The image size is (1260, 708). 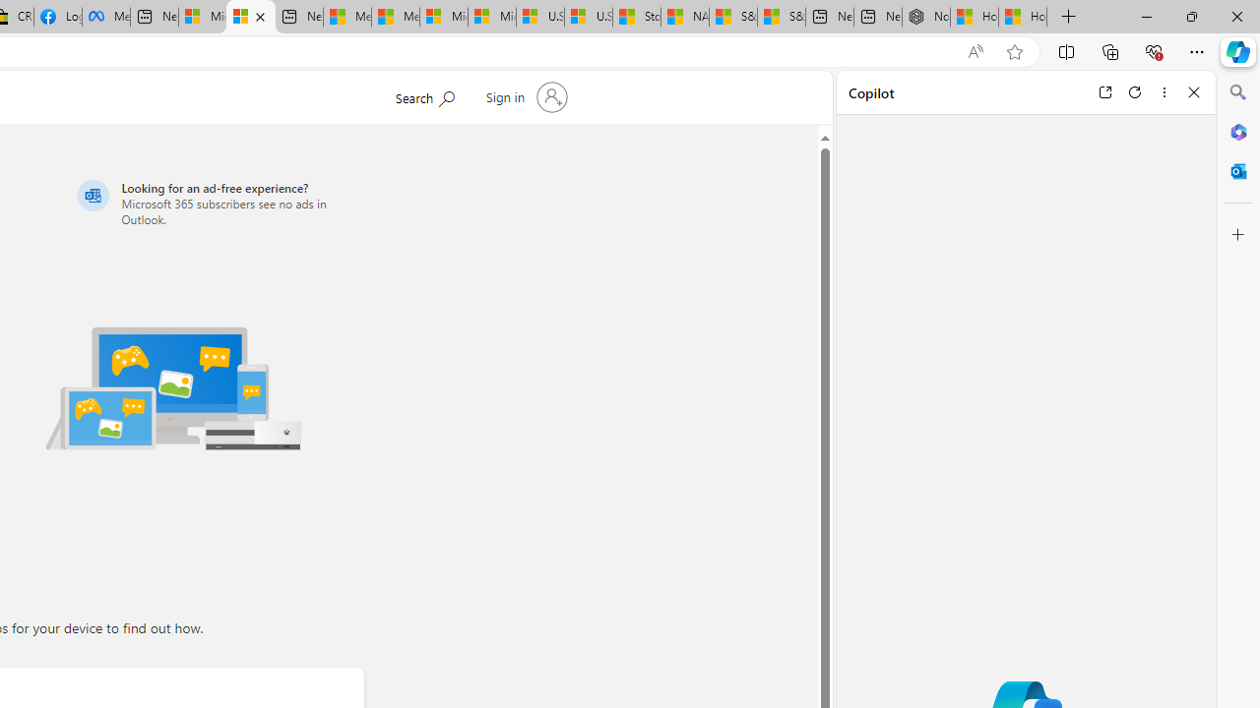 I want to click on 'Sign in to your account', so click(x=525, y=97).